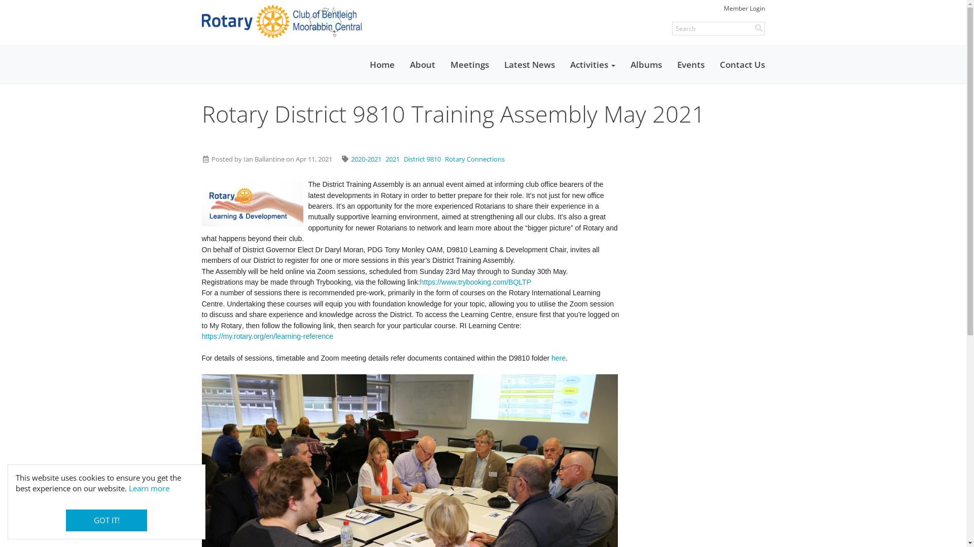  I want to click on 'Member Login', so click(744, 8).